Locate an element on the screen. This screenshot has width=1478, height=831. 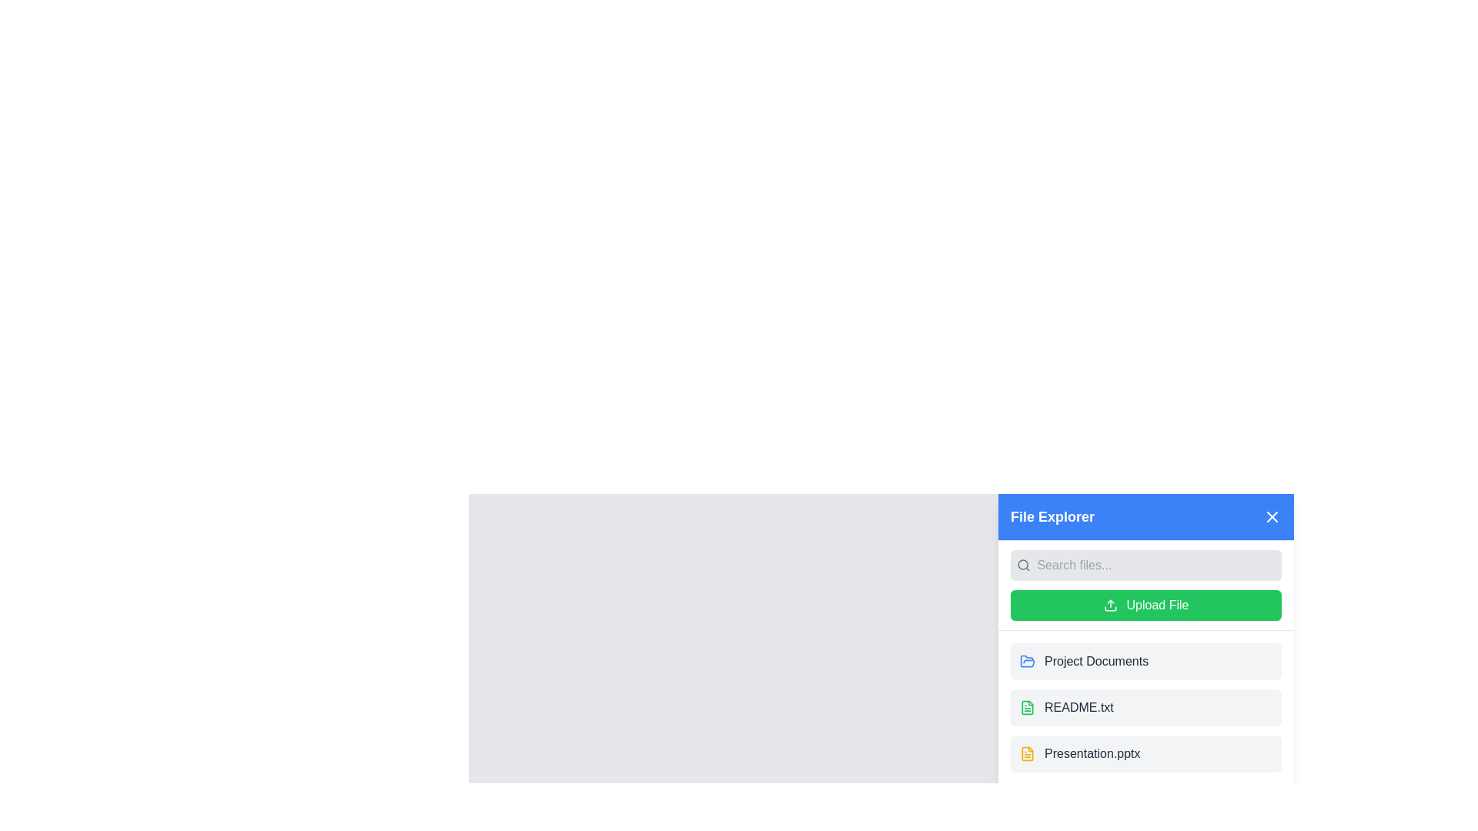
the 'File Explorer' text label, which is displayed in large, bold white font against a blue background at the top-left corner of the header bar is located at coordinates (1052, 516).